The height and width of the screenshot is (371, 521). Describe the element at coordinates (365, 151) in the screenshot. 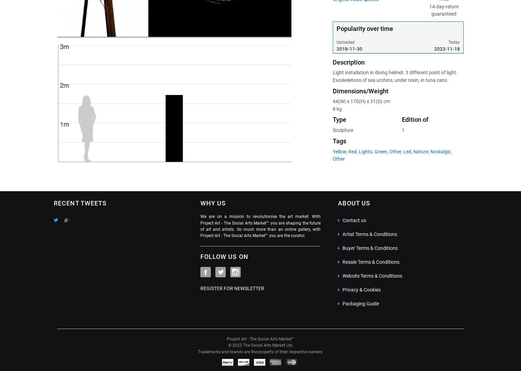

I see `'Lights'` at that location.